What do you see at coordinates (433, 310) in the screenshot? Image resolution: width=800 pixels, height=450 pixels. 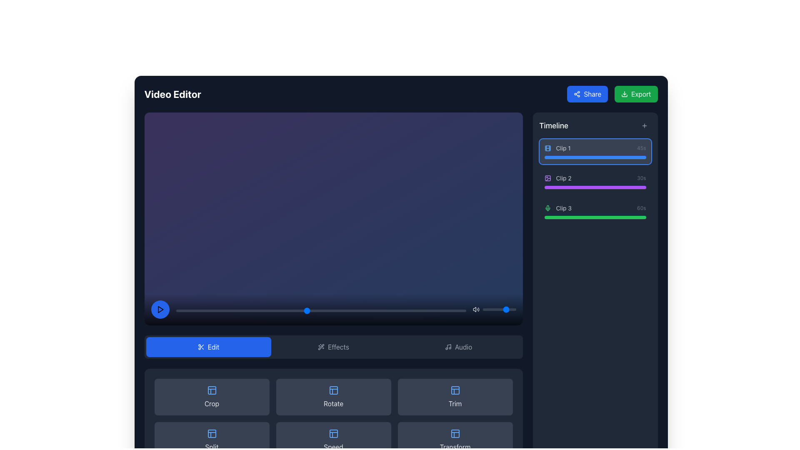 I see `slider value` at bounding box center [433, 310].